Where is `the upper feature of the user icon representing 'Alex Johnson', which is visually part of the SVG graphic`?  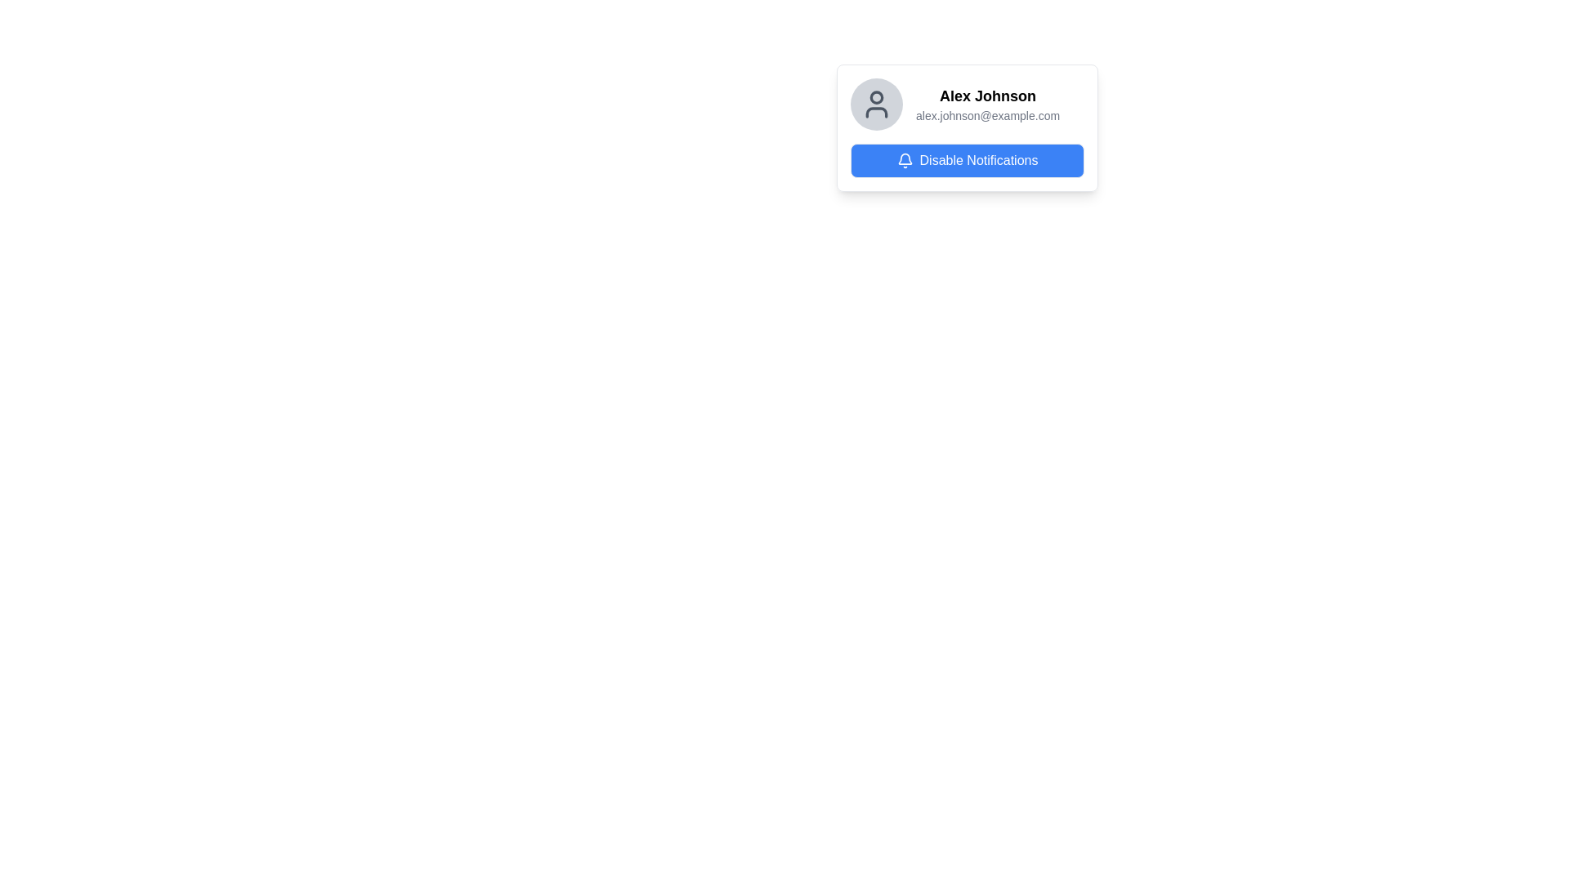 the upper feature of the user icon representing 'Alex Johnson', which is visually part of the SVG graphic is located at coordinates (876, 97).